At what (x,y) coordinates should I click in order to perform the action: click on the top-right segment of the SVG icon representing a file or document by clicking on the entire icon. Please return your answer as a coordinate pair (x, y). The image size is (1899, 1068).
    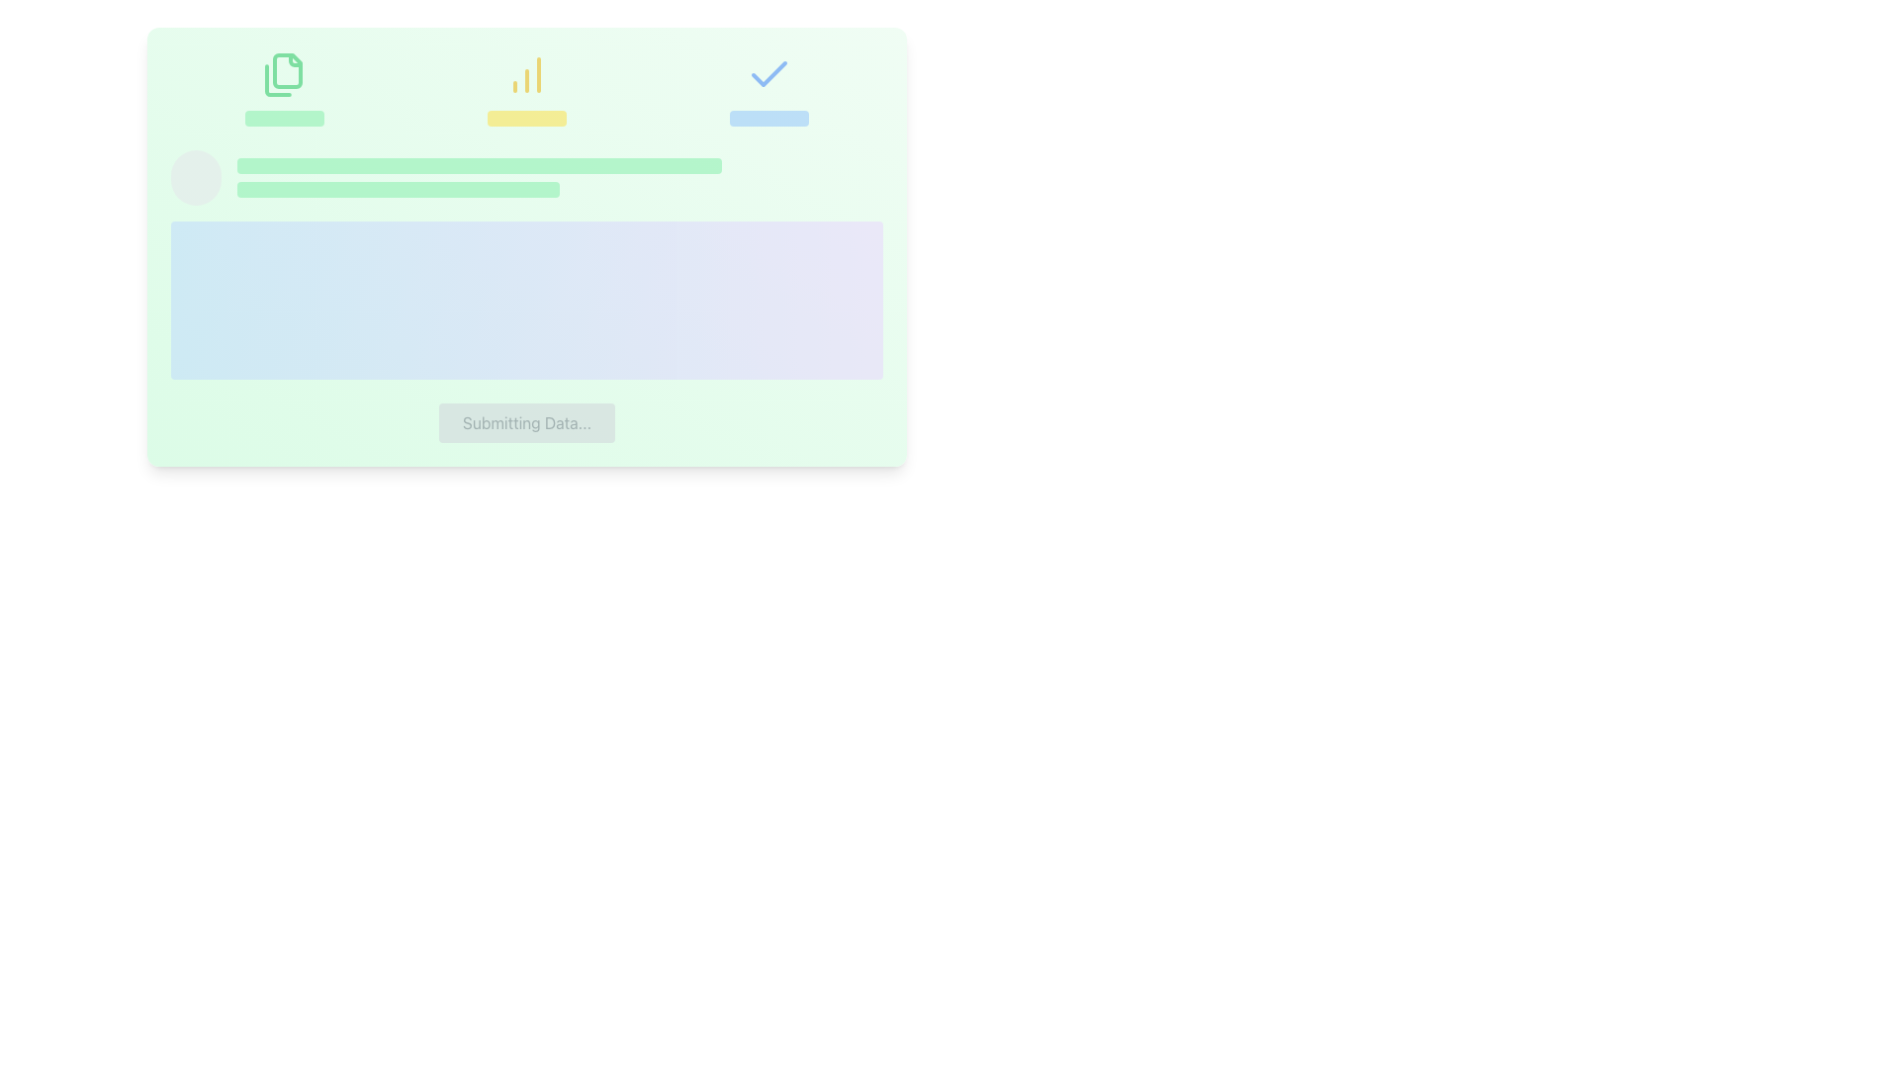
    Looking at the image, I should click on (294, 59).